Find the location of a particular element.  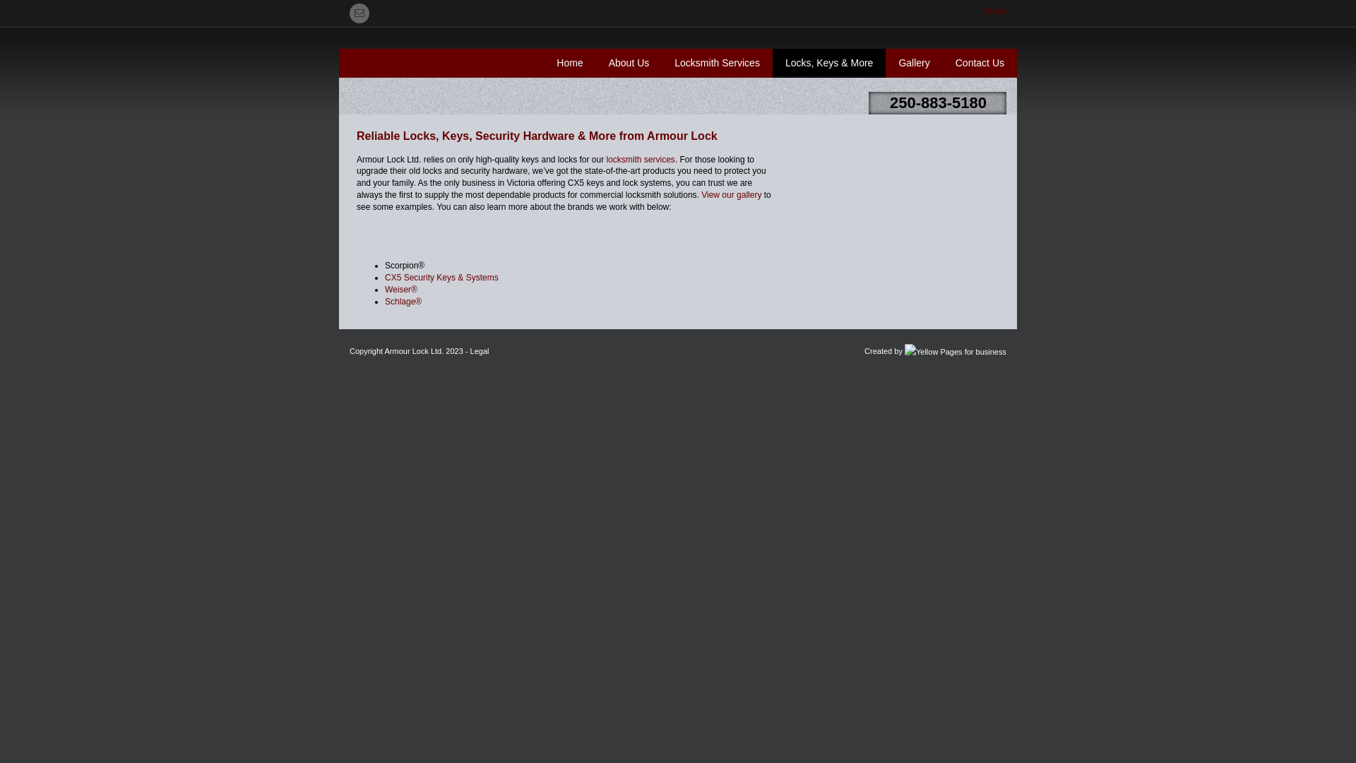

'250-883-5180' is located at coordinates (938, 102).